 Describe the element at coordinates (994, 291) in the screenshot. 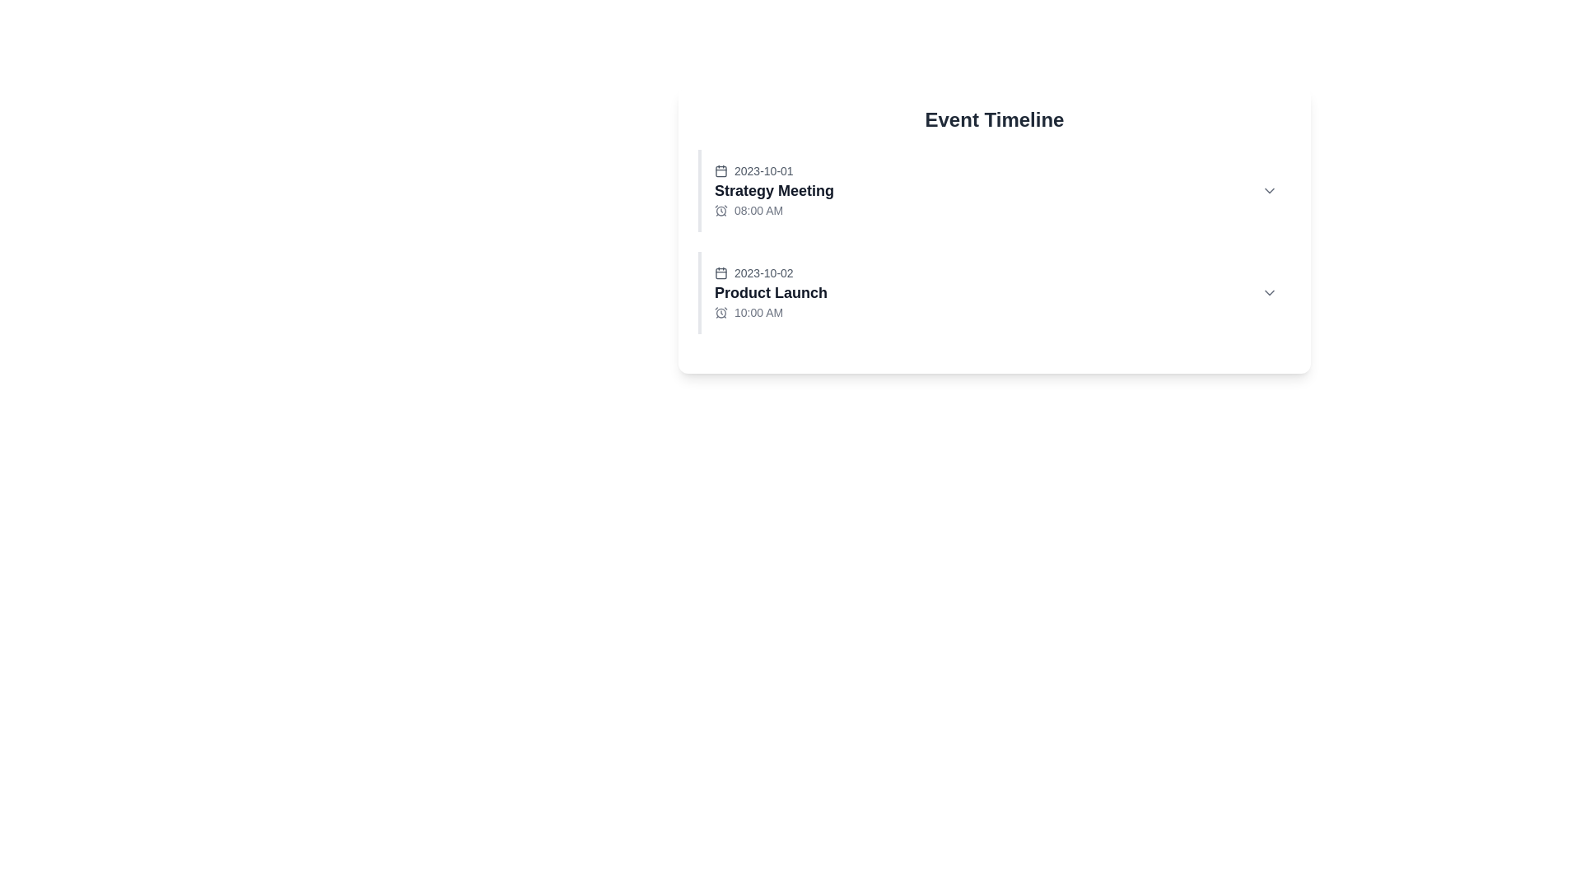

I see `the Card-like event entry displaying the date '2023-10-02', the title 'Product Launch', and the time '10:00 AM', which is the second item in the event timeline list` at that location.